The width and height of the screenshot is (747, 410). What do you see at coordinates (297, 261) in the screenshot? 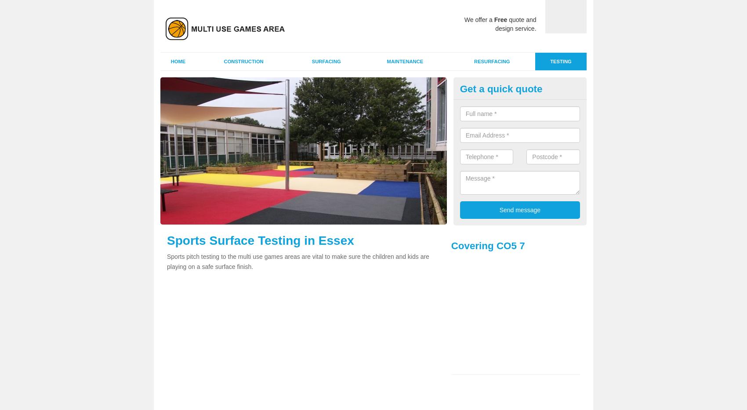
I see `'Sports pitch testing to the multi use games areas are vital to make sure the children and kids are playing on a safe surface finish.'` at bounding box center [297, 261].